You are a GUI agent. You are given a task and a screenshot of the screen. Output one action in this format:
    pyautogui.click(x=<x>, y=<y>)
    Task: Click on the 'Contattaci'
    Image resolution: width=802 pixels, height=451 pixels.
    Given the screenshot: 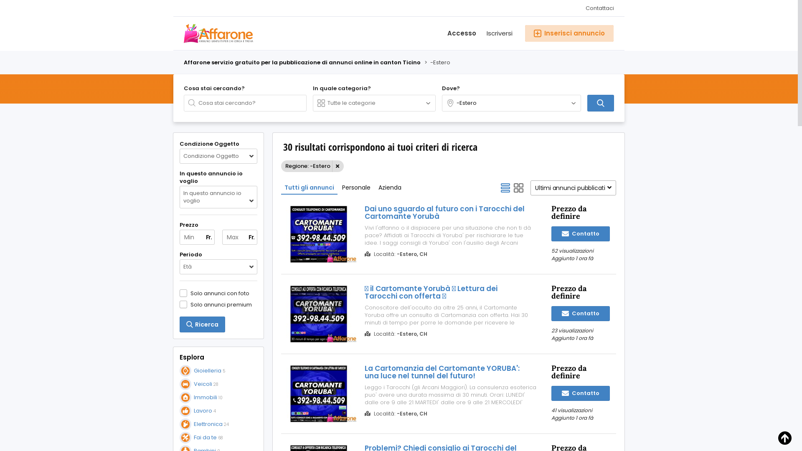 What is the action you would take?
    pyautogui.click(x=597, y=8)
    